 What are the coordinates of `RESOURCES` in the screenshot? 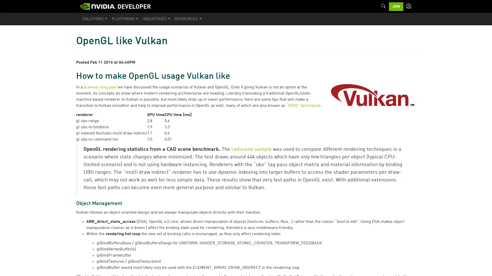 It's located at (188, 19).